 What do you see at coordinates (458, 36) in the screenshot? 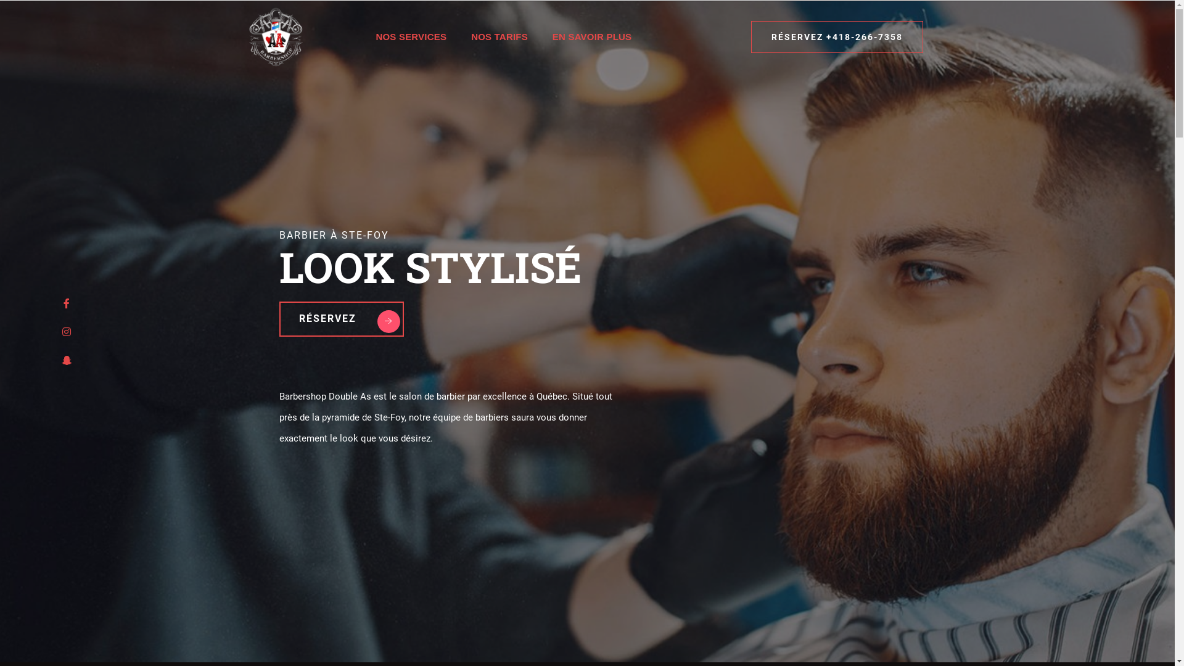
I see `'NOS TARIFS'` at bounding box center [458, 36].